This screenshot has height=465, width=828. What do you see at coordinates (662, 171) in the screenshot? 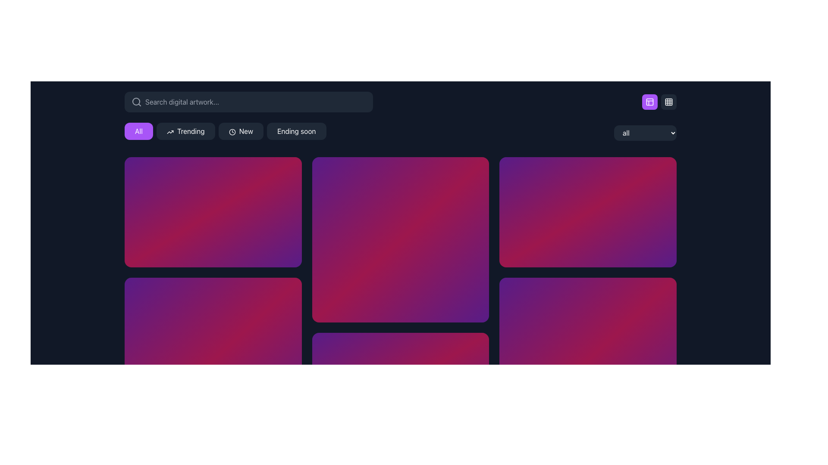
I see `the zoom-in control button located in the top-right corner of the interface, which is the second button in a group of circular buttons` at bounding box center [662, 171].